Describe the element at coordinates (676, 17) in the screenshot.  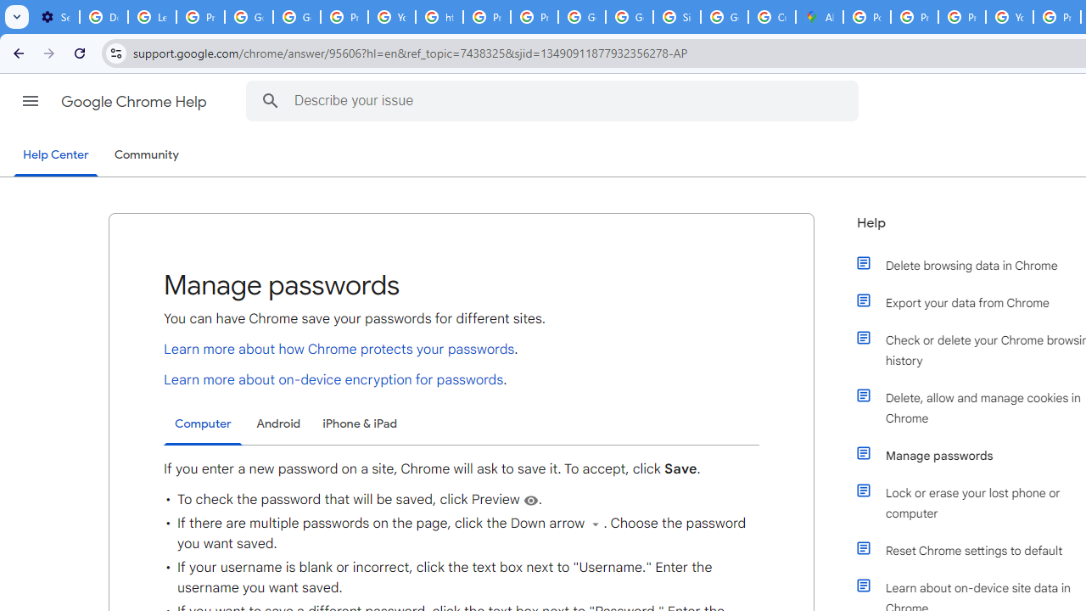
I see `'Sign in - Google Accounts'` at that location.